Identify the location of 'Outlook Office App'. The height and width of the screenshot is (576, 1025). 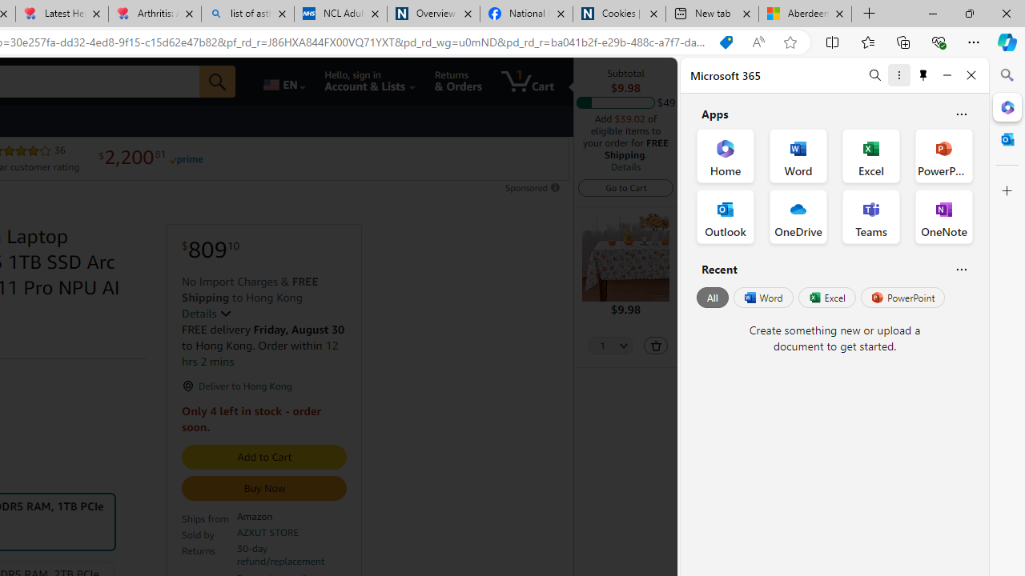
(725, 217).